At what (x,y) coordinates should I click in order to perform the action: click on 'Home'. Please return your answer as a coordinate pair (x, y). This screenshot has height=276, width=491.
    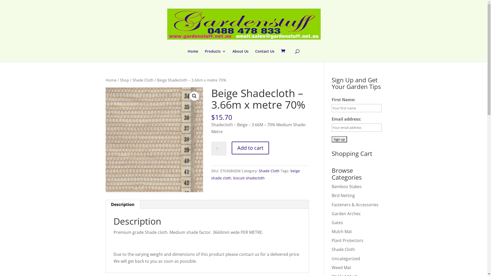
    Looking at the image, I should click on (110, 80).